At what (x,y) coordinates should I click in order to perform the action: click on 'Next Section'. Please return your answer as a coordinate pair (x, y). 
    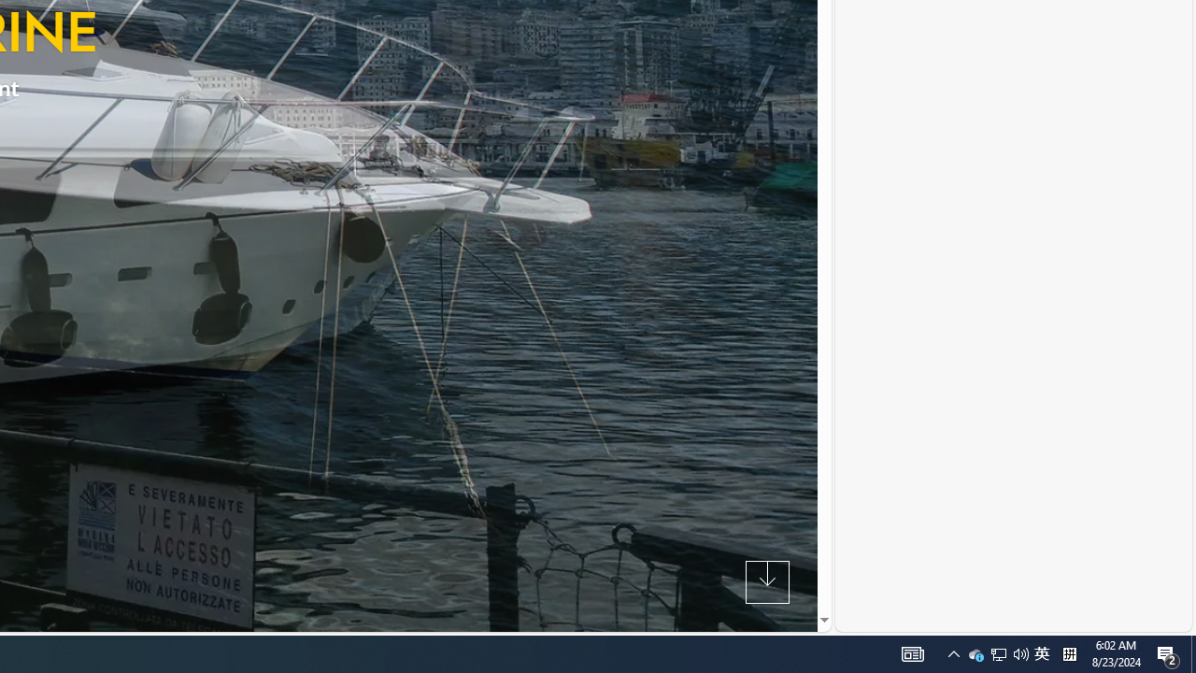
    Looking at the image, I should click on (767, 580).